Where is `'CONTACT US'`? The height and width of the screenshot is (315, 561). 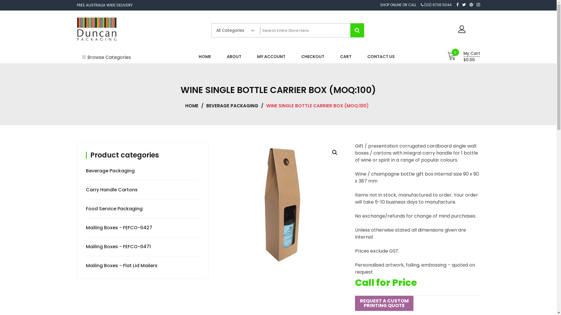 'CONTACT US' is located at coordinates (381, 57).